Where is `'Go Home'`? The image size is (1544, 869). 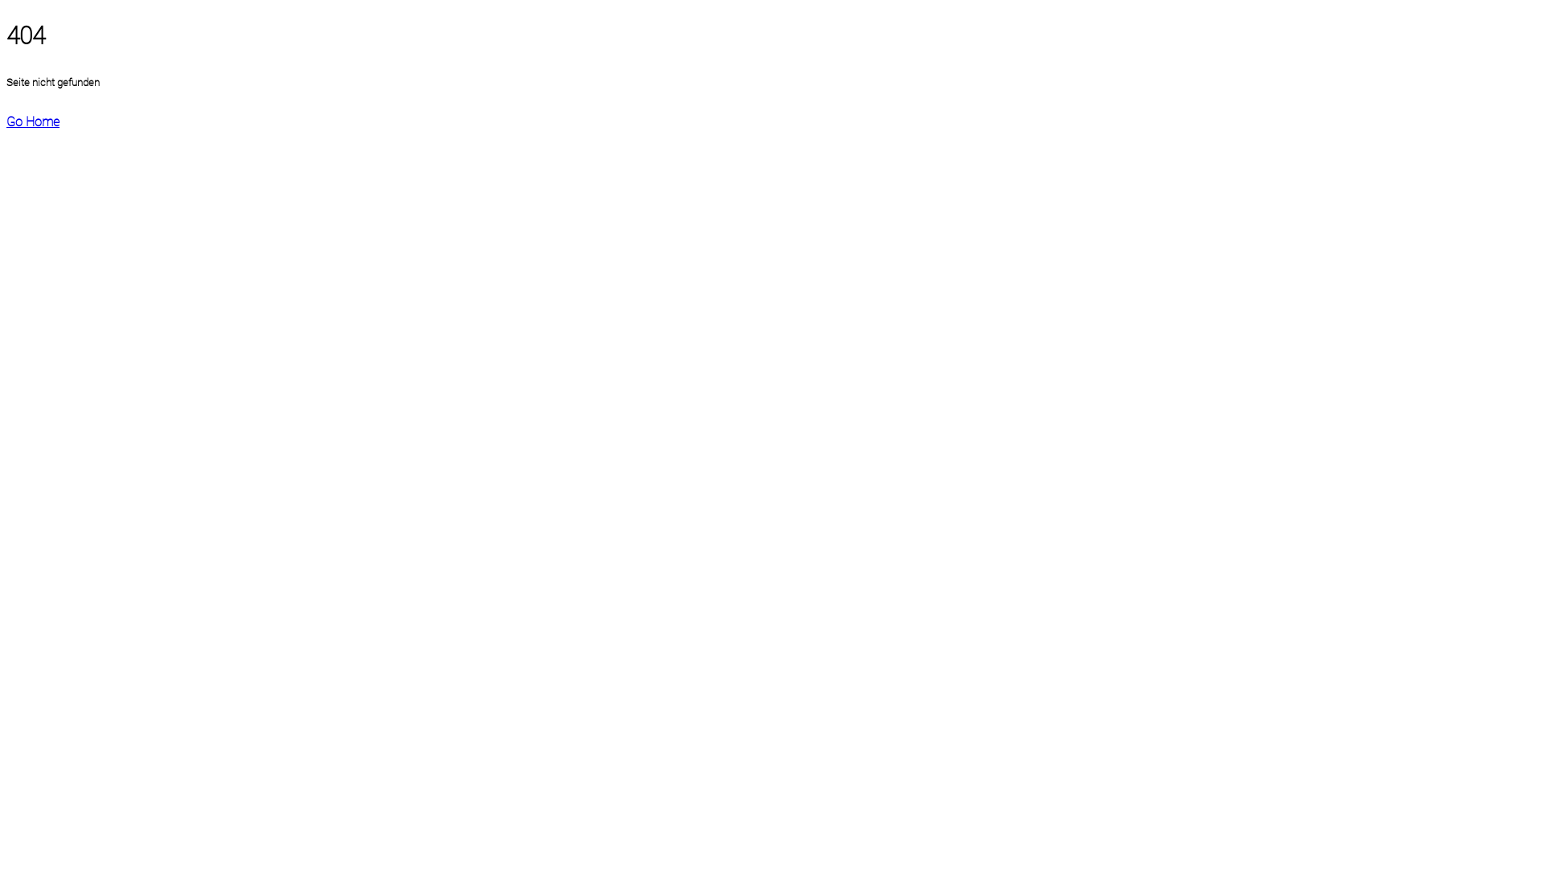
'Go Home' is located at coordinates (33, 121).